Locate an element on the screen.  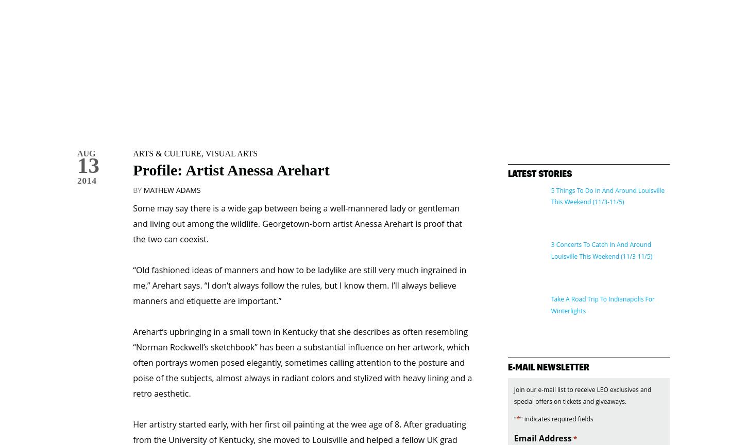
'3 Concerts To Catch In And Around Louisville This Weekend (11/3-11/5)' is located at coordinates (601, 207).